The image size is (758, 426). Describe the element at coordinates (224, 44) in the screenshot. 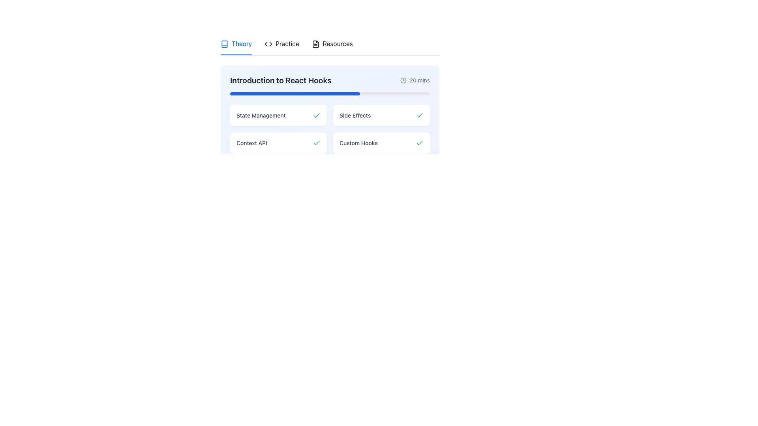

I see `the book icon in the top navigation bar, which is positioned to the left of the 'Theory' label` at that location.